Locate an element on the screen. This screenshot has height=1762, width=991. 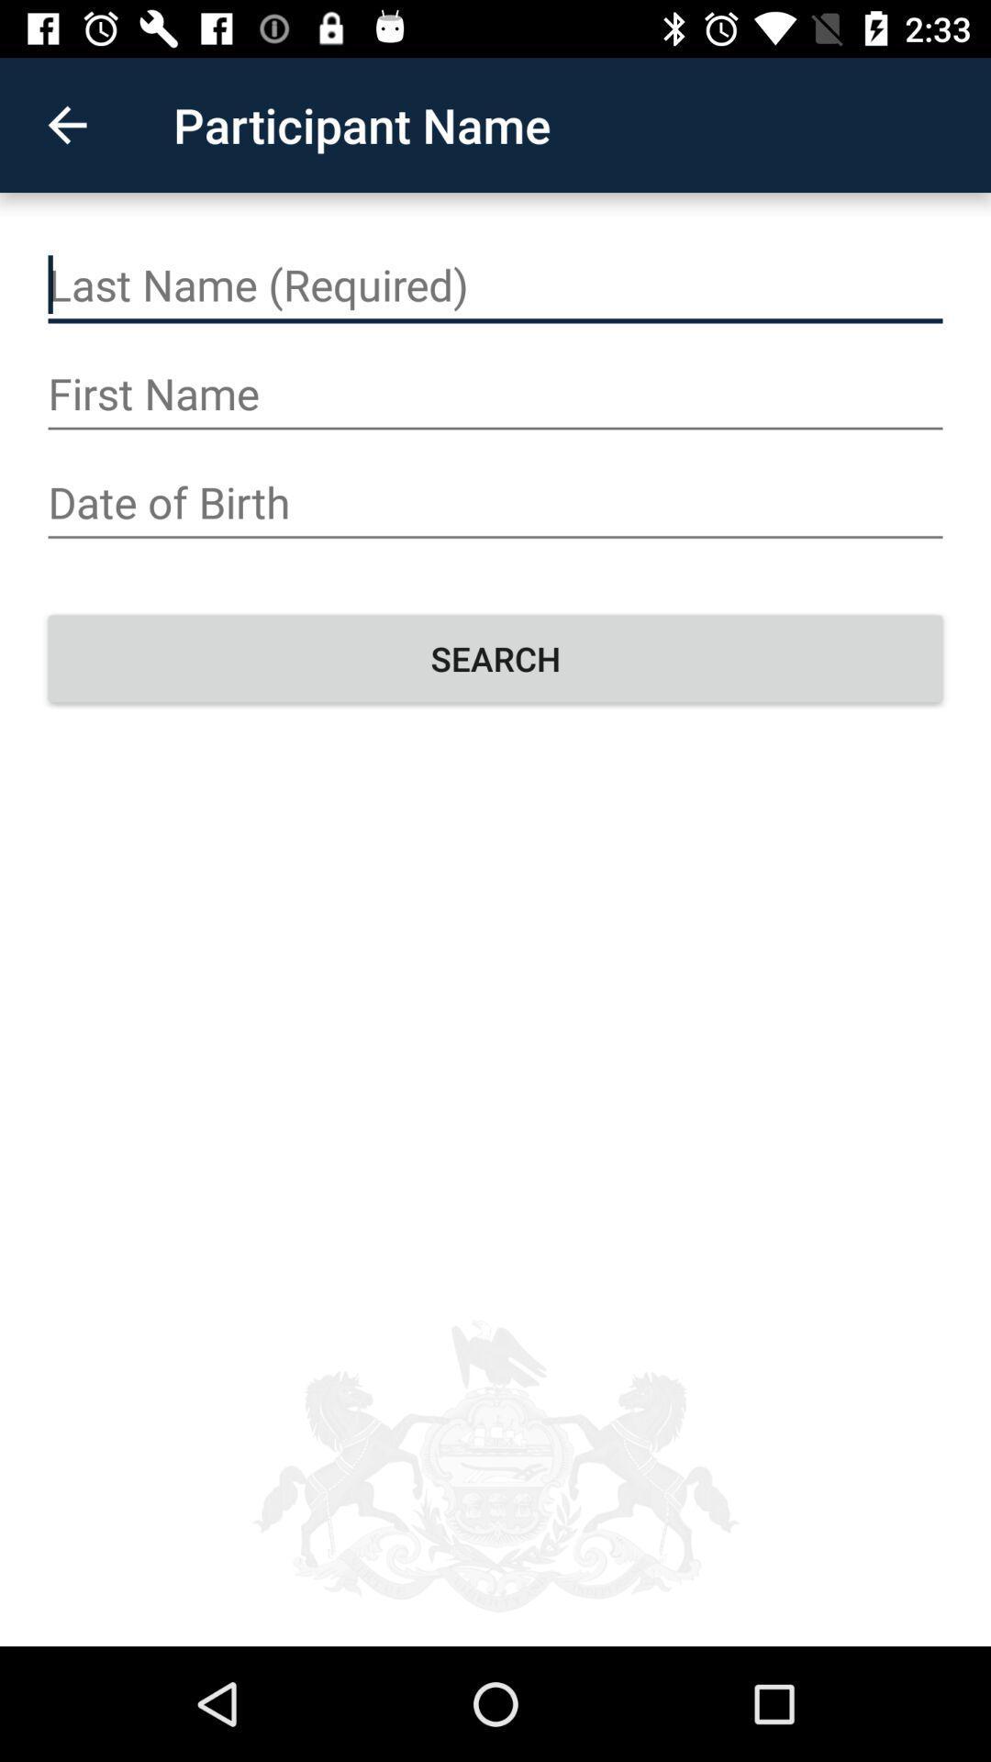
your name is located at coordinates (495, 284).